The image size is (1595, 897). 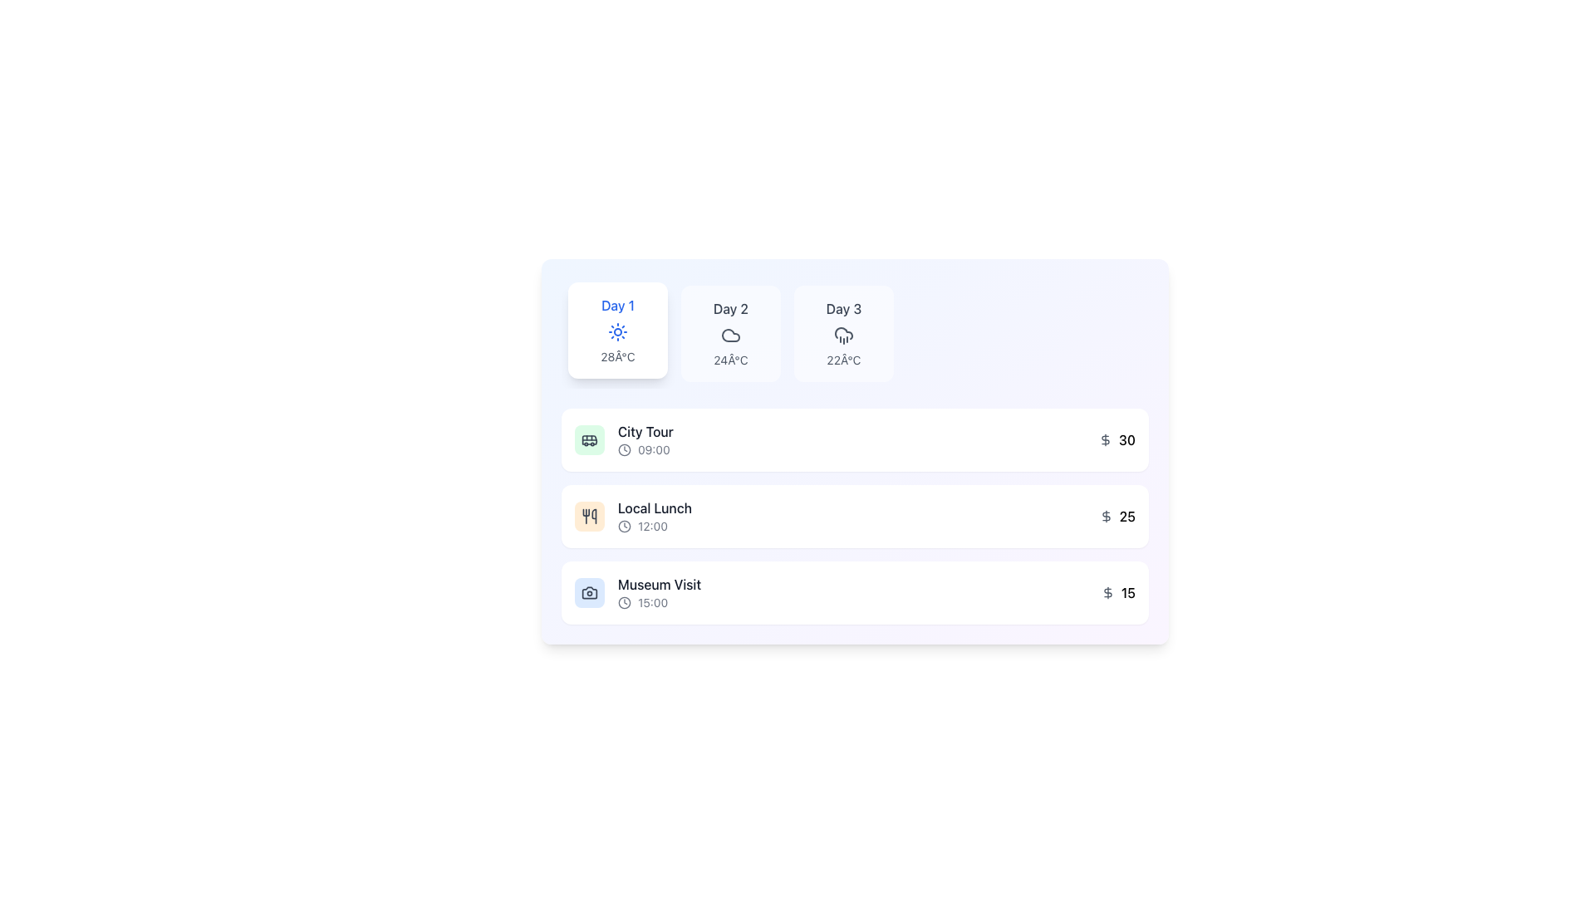 What do you see at coordinates (652, 526) in the screenshot?
I see `the text displaying the time '12:00' which is in gray color and located next to the clock icon in the event titled 'Local Lunch'` at bounding box center [652, 526].